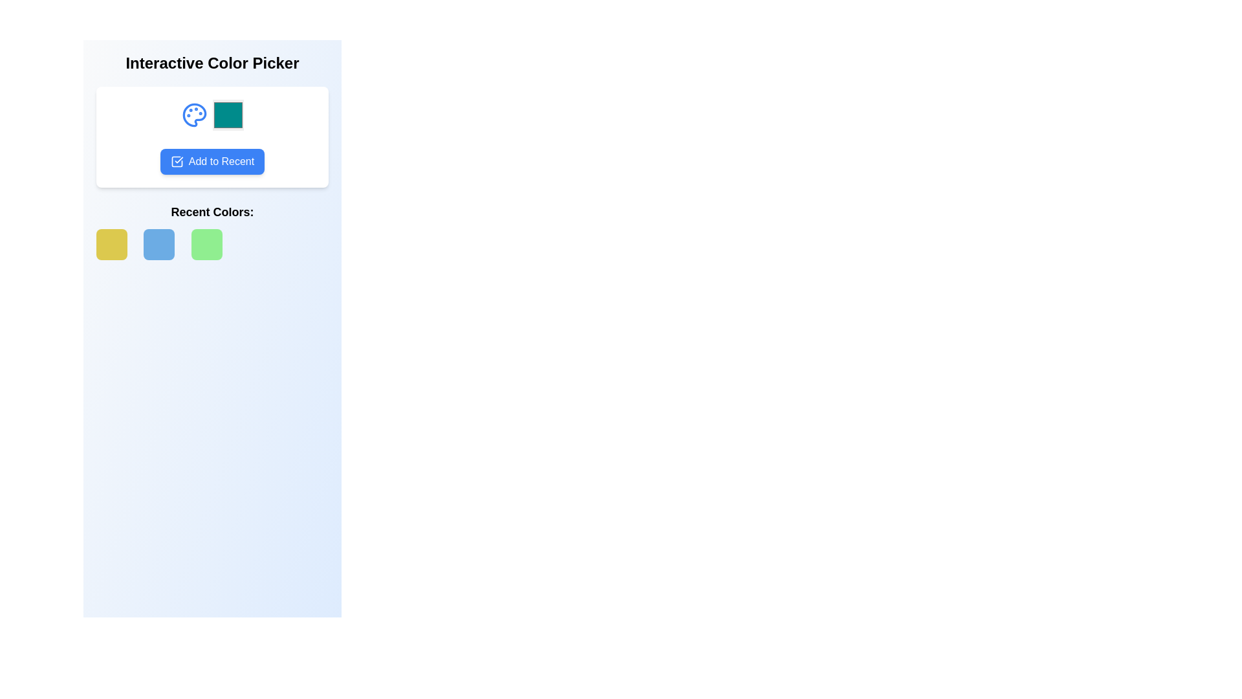  What do you see at coordinates (206, 245) in the screenshot?
I see `to select the light green color indicator box, which is the third square from the left in a row of five components in the 'Recent Colors' section` at bounding box center [206, 245].